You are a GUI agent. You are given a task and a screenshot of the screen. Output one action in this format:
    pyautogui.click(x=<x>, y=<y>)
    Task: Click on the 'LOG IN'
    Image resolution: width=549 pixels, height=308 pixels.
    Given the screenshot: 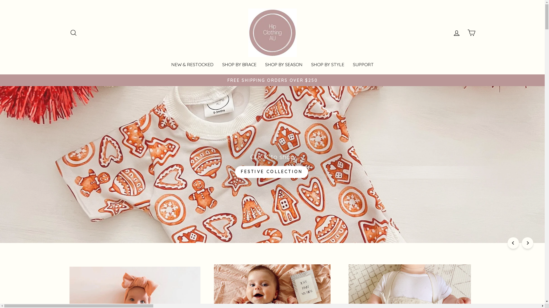 What is the action you would take?
    pyautogui.click(x=448, y=33)
    